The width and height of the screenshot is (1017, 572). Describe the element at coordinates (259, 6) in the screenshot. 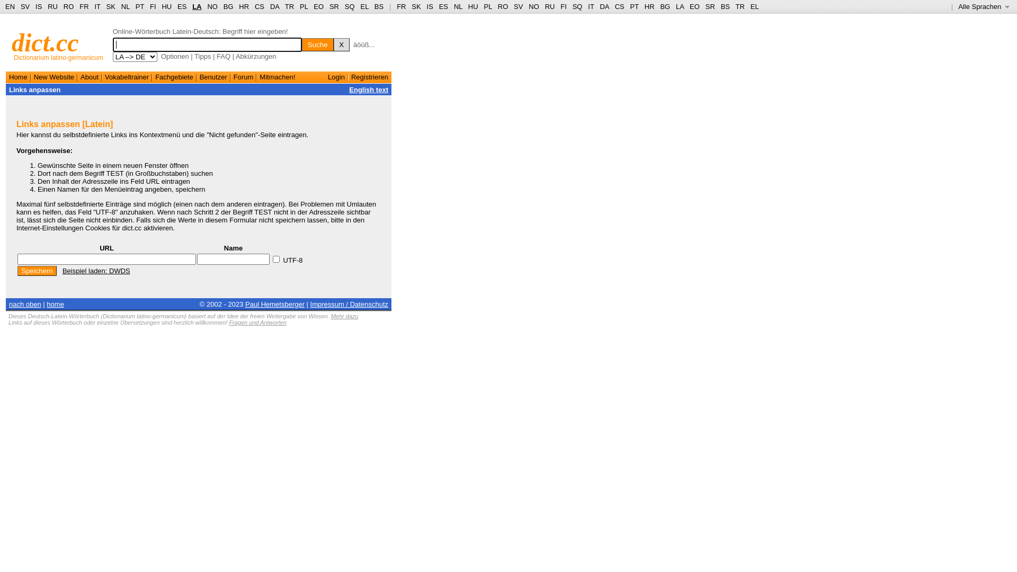

I see `'CS'` at that location.